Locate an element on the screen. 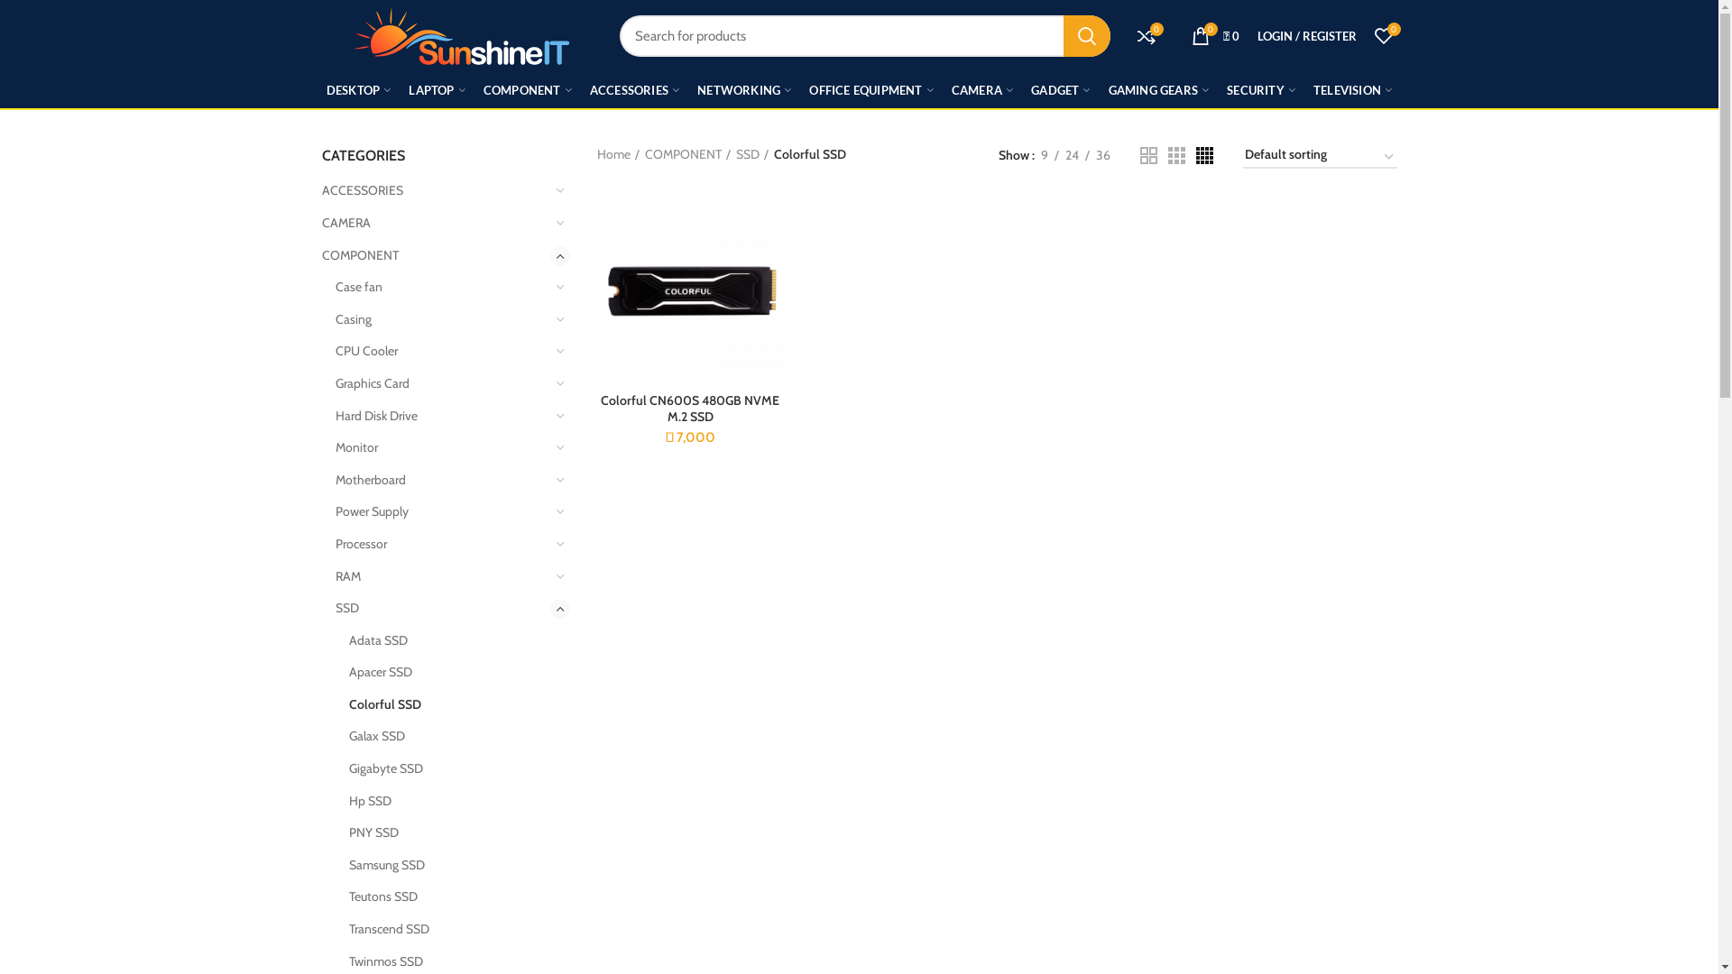  'Graphics Card' is located at coordinates (441, 382).